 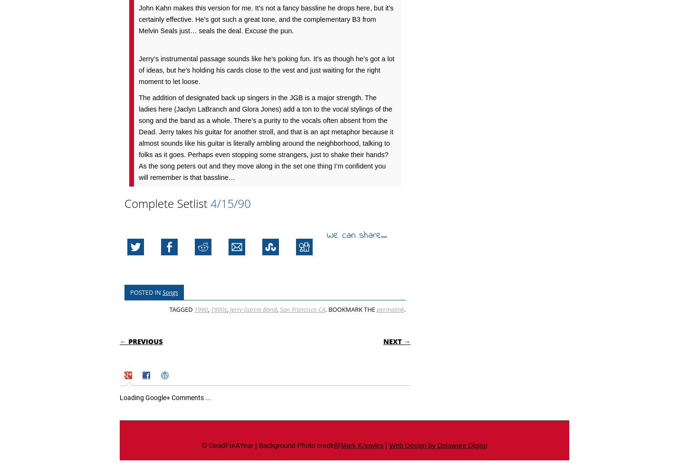 What do you see at coordinates (167, 203) in the screenshot?
I see `'Complete Setlist'` at bounding box center [167, 203].